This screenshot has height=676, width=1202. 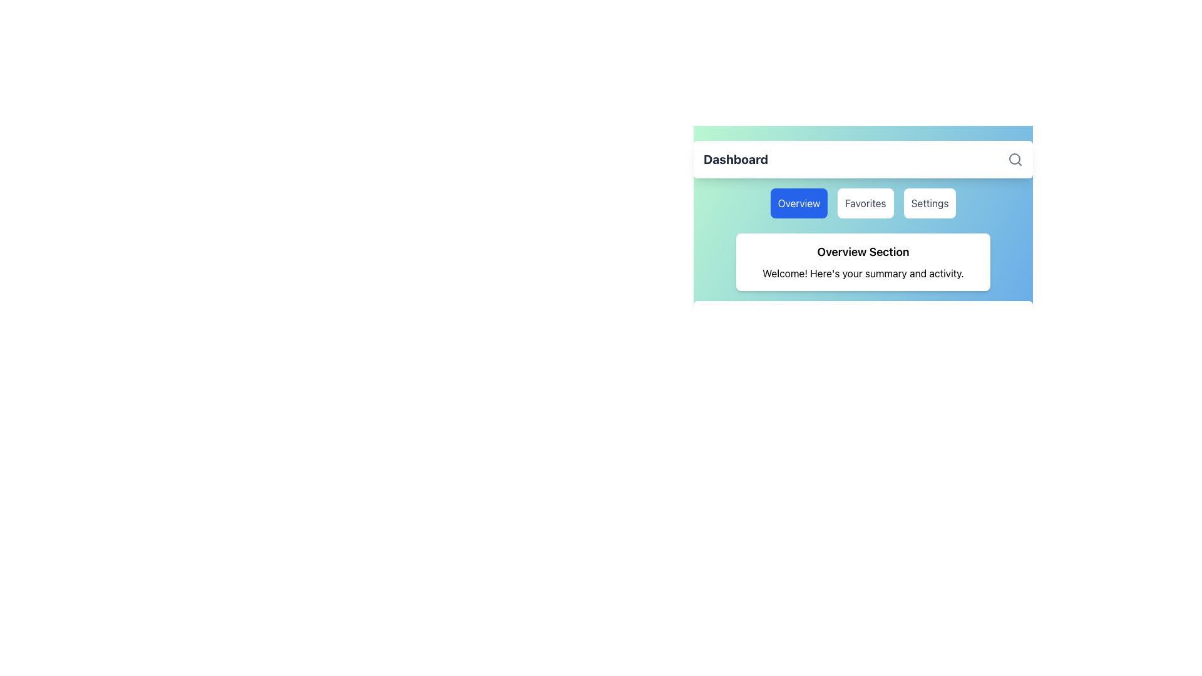 What do you see at coordinates (862, 262) in the screenshot?
I see `displayed text from the central text content element located below the navigation bar on the dashboard, which provides an overview and welcoming message` at bounding box center [862, 262].